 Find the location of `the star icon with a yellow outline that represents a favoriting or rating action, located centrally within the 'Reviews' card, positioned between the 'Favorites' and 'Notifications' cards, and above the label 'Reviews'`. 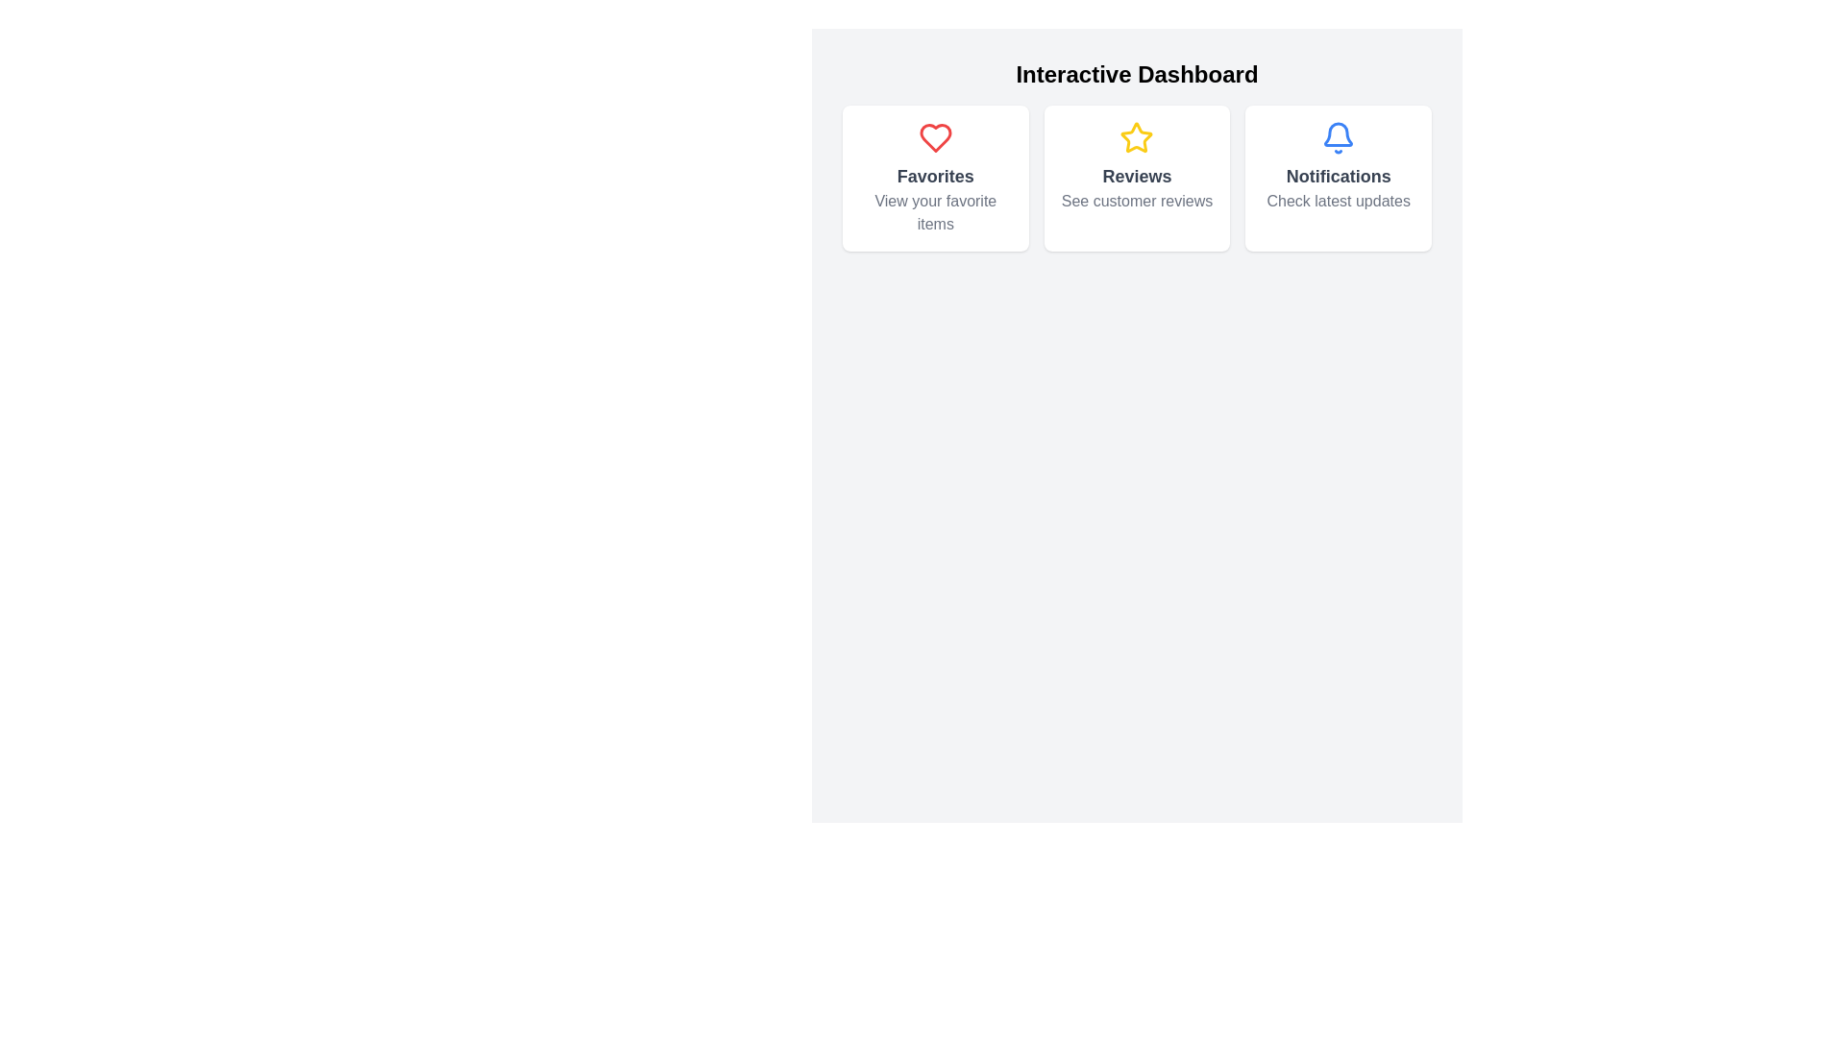

the star icon with a yellow outline that represents a favoriting or rating action, located centrally within the 'Reviews' card, positioned between the 'Favorites' and 'Notifications' cards, and above the label 'Reviews' is located at coordinates (1137, 136).